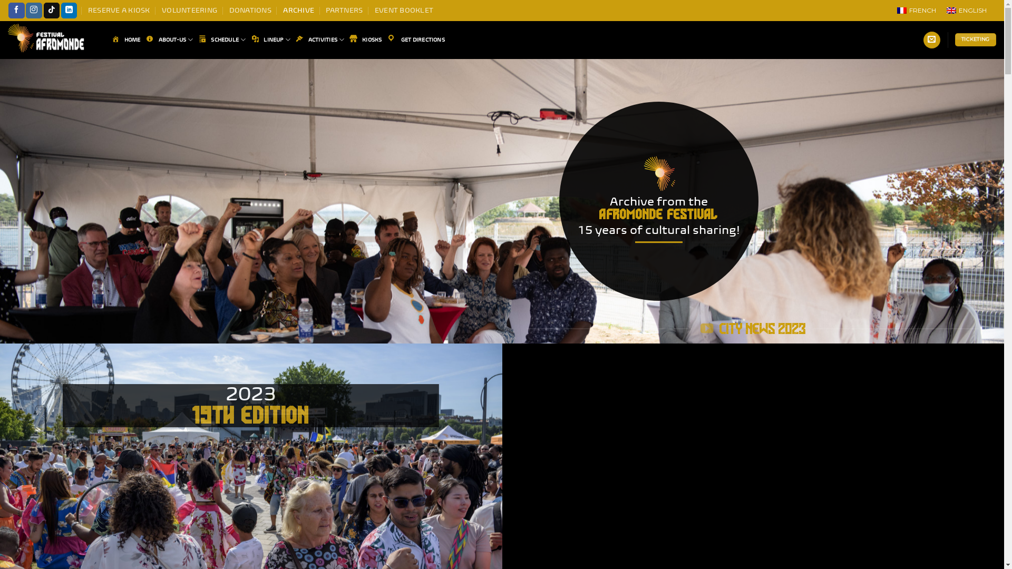  I want to click on 'LINEUP', so click(250, 39).